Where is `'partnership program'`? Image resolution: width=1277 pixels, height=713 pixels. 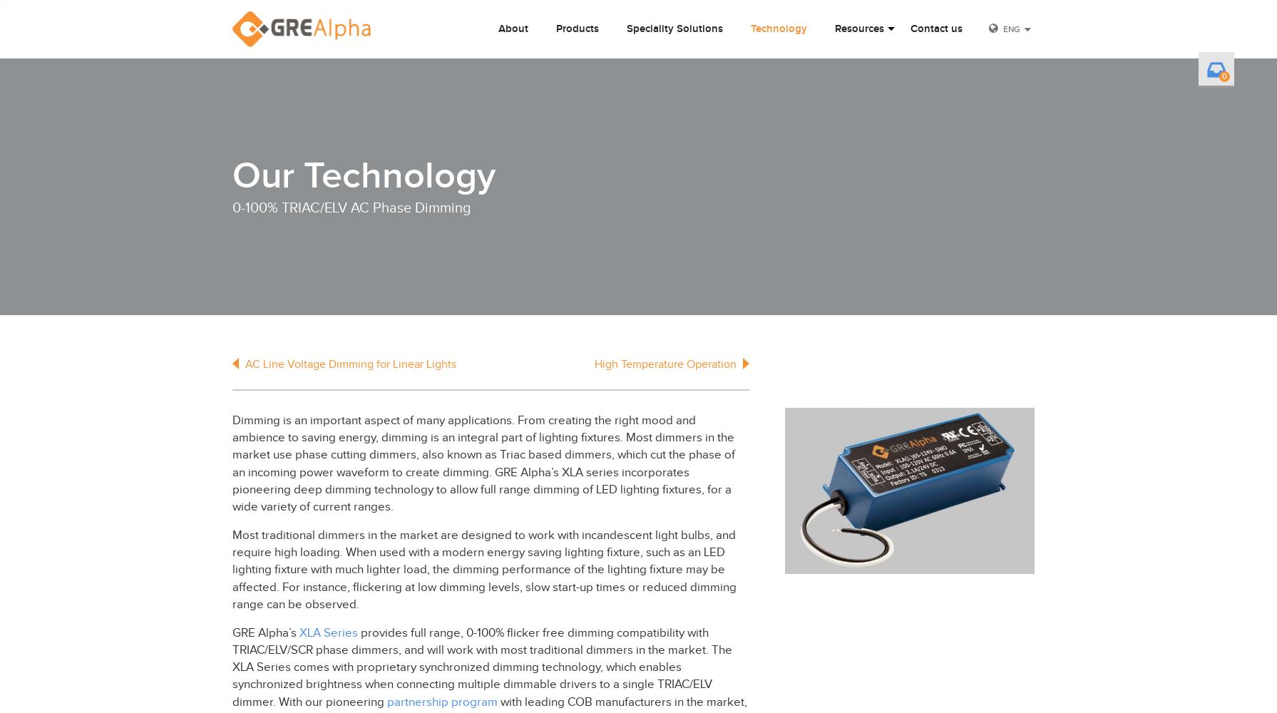
'partnership program' is located at coordinates (441, 701).